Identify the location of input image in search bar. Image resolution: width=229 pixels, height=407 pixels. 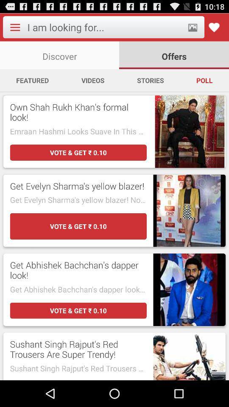
(193, 27).